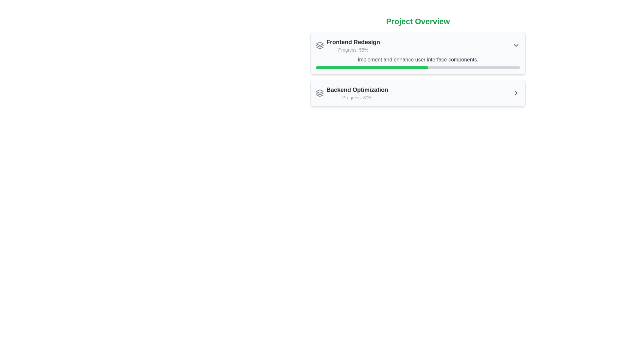 This screenshot has height=353, width=628. What do you see at coordinates (357, 90) in the screenshot?
I see `the Text Label indicating 'Backend Optimization'` at bounding box center [357, 90].